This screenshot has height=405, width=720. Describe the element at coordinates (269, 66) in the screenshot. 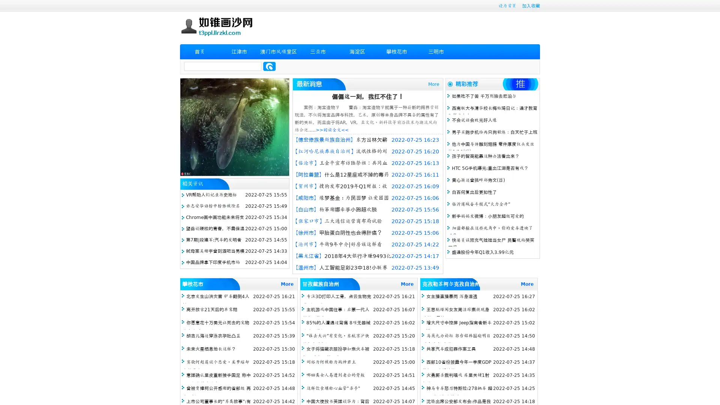

I see `Search` at that location.